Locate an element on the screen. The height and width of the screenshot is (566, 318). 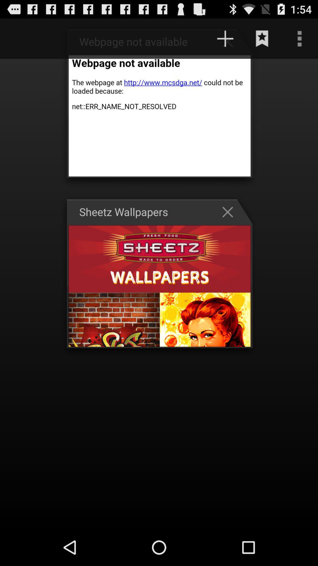
the add icon is located at coordinates (225, 41).